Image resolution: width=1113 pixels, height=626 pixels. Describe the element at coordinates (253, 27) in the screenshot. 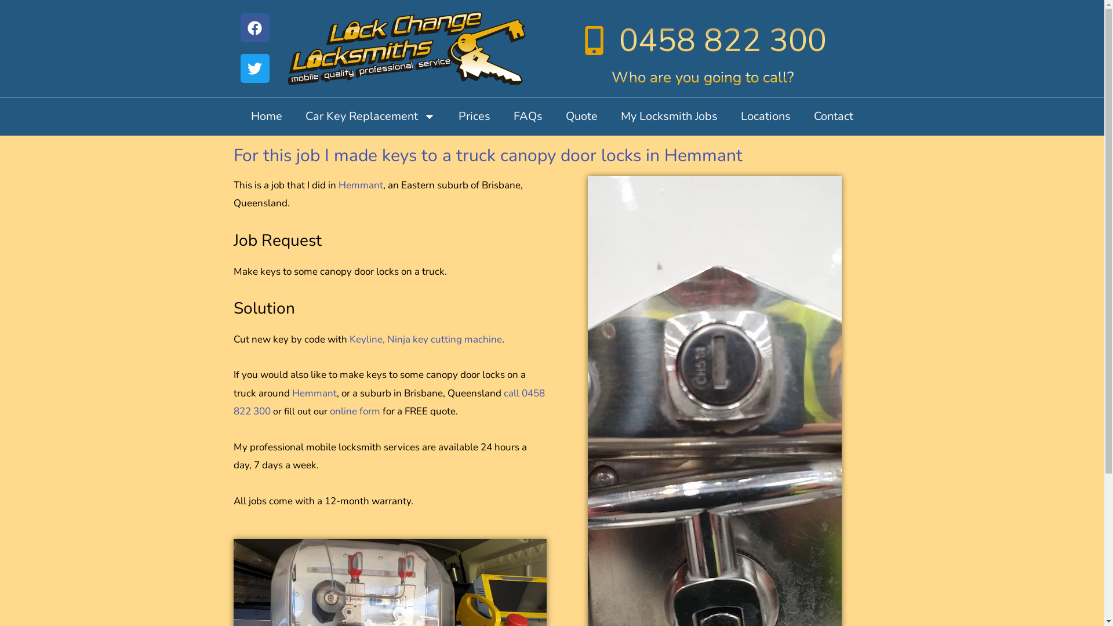

I see `'Facebook'` at that location.